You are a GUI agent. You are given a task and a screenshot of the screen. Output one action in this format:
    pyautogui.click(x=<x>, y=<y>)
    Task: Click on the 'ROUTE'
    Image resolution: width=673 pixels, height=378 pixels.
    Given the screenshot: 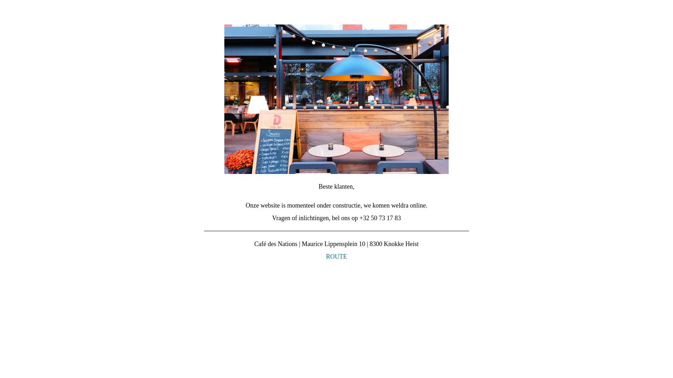 What is the action you would take?
    pyautogui.click(x=336, y=256)
    